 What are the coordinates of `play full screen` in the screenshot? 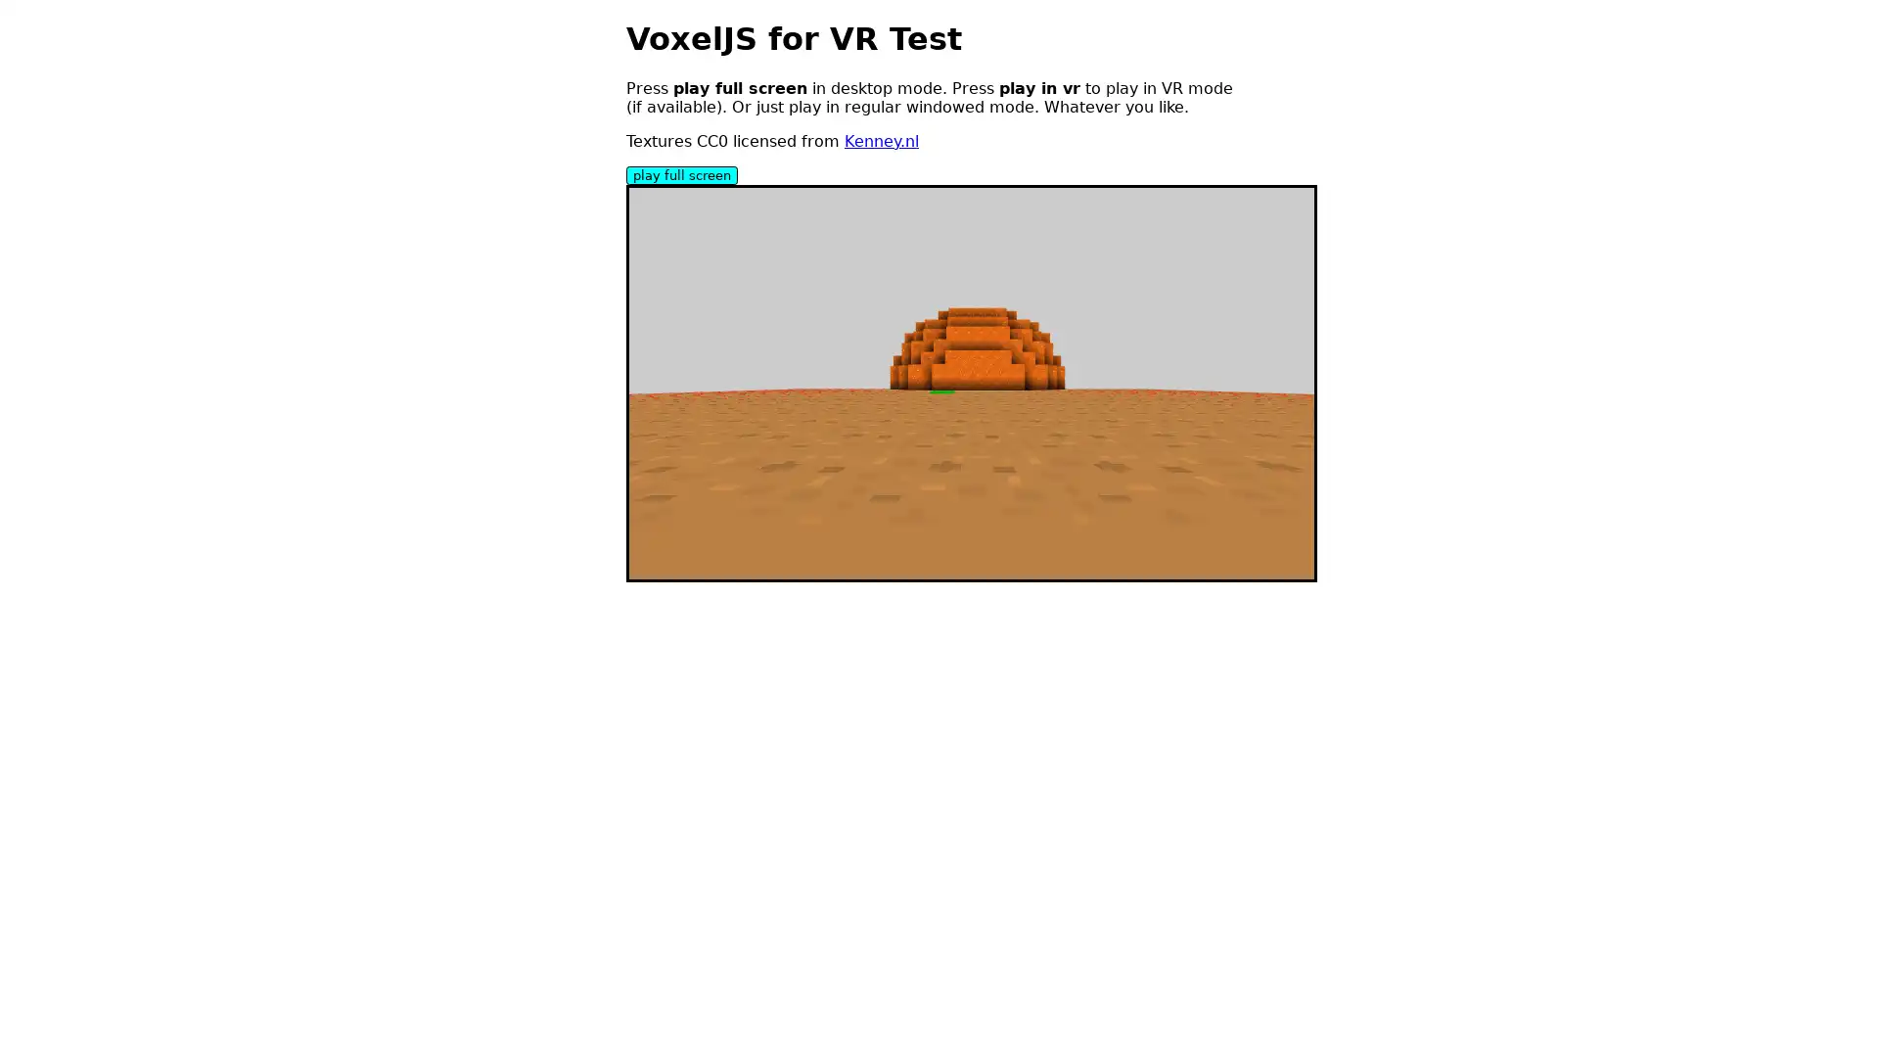 It's located at (681, 173).